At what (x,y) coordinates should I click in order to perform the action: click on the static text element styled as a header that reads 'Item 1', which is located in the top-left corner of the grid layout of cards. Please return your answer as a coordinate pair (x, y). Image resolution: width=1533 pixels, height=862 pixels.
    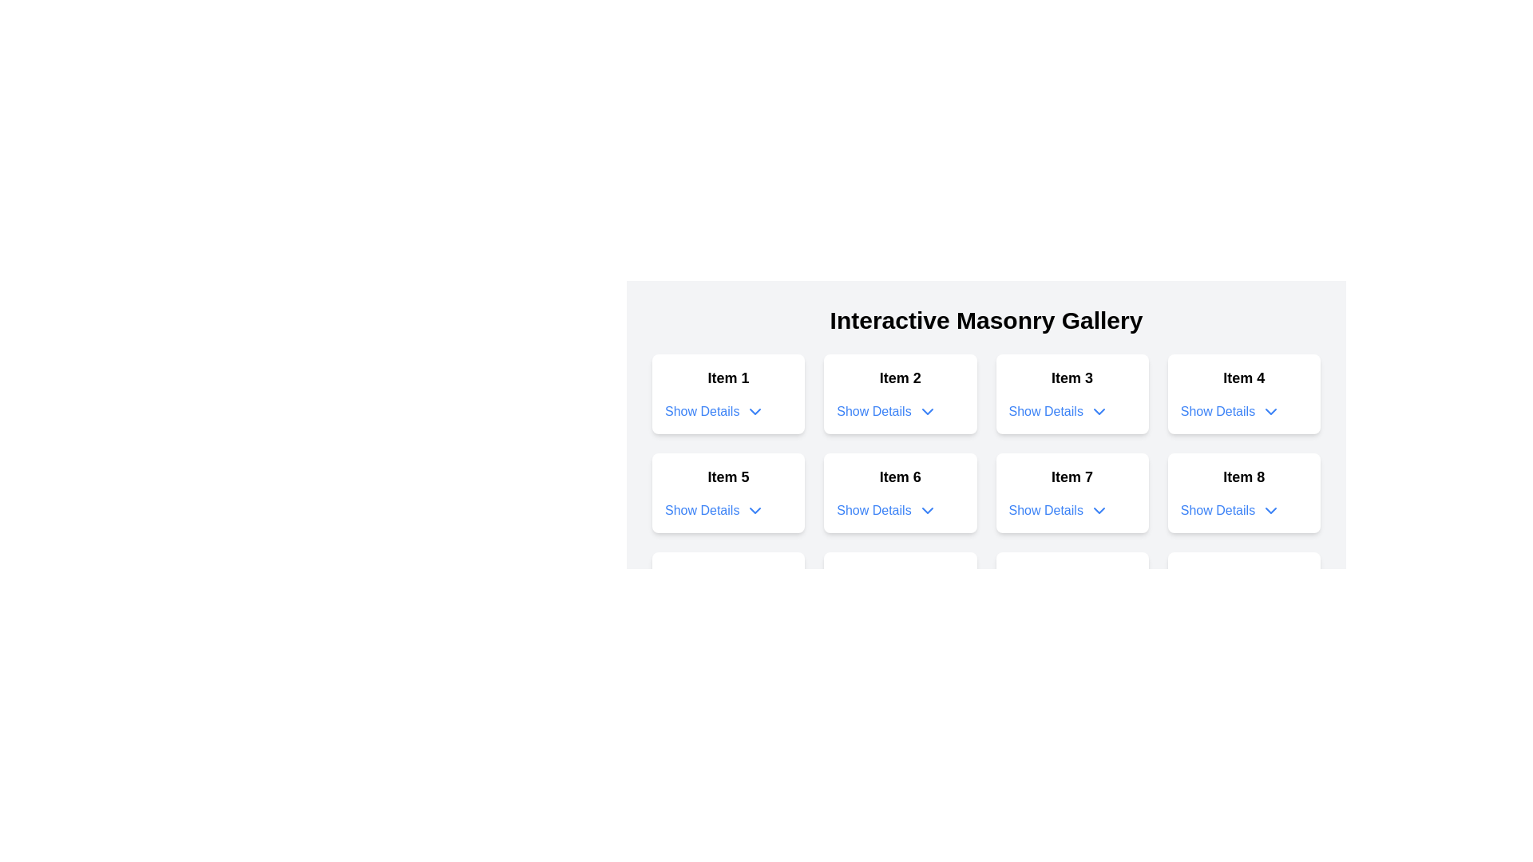
    Looking at the image, I should click on (727, 378).